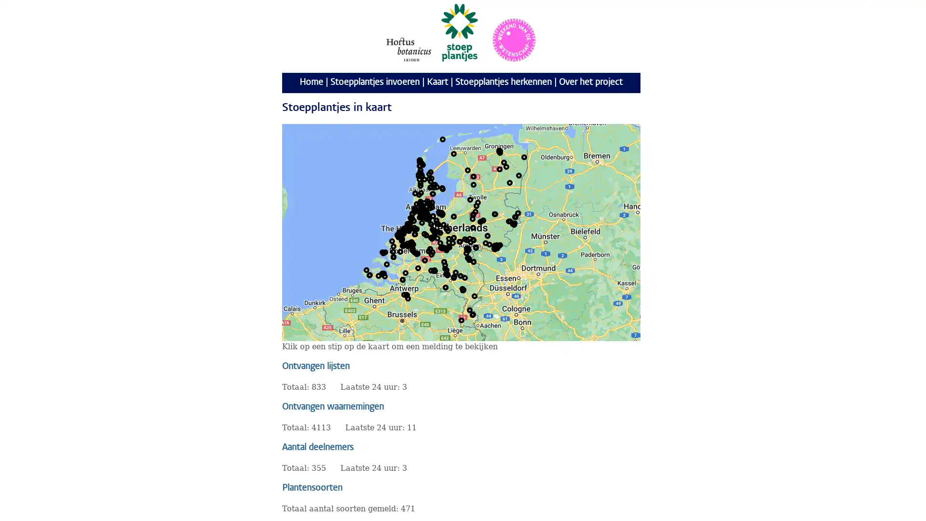 The image size is (926, 521). Describe the element at coordinates (488, 235) in the screenshot. I see `Telling van Marga Limbeek op 01 mei 2022` at that location.